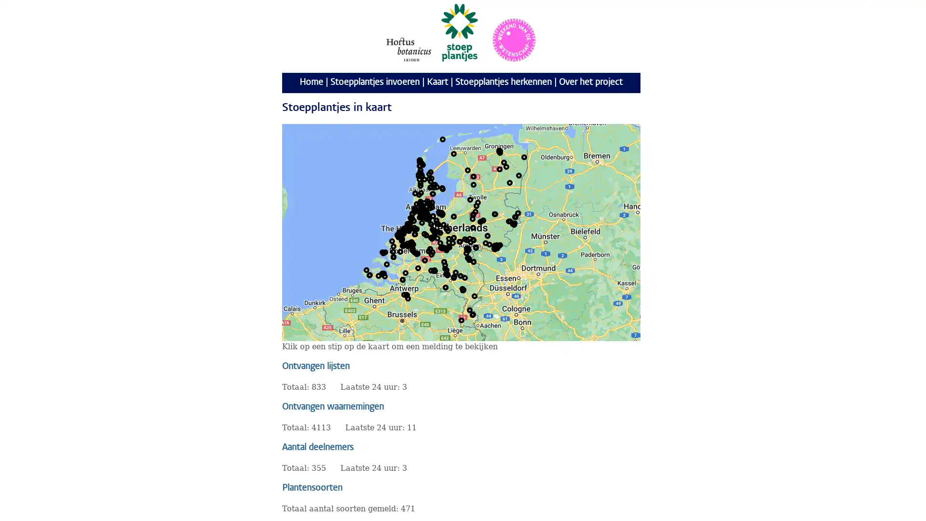 The image size is (926, 521). Describe the element at coordinates (488, 235) in the screenshot. I see `Telling van Marga Limbeek op 01 mei 2022` at that location.